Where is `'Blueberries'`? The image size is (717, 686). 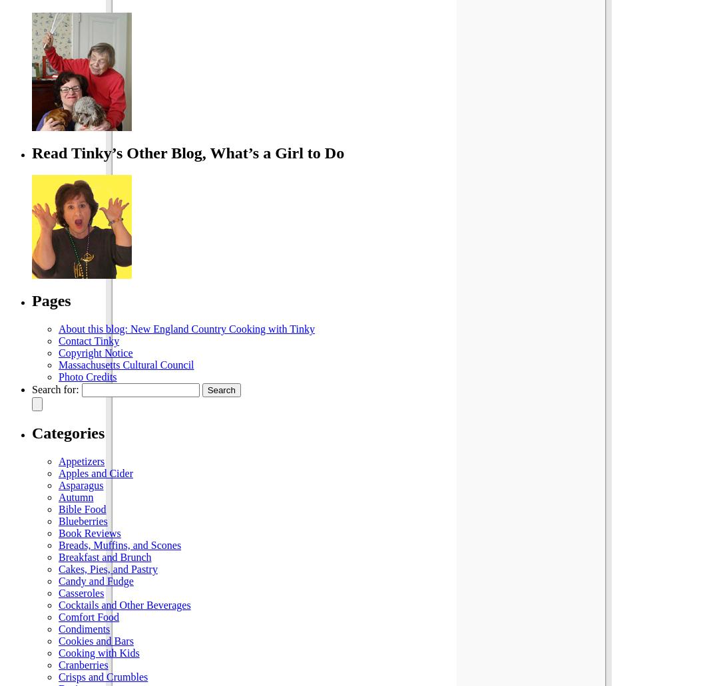 'Blueberries' is located at coordinates (82, 520).